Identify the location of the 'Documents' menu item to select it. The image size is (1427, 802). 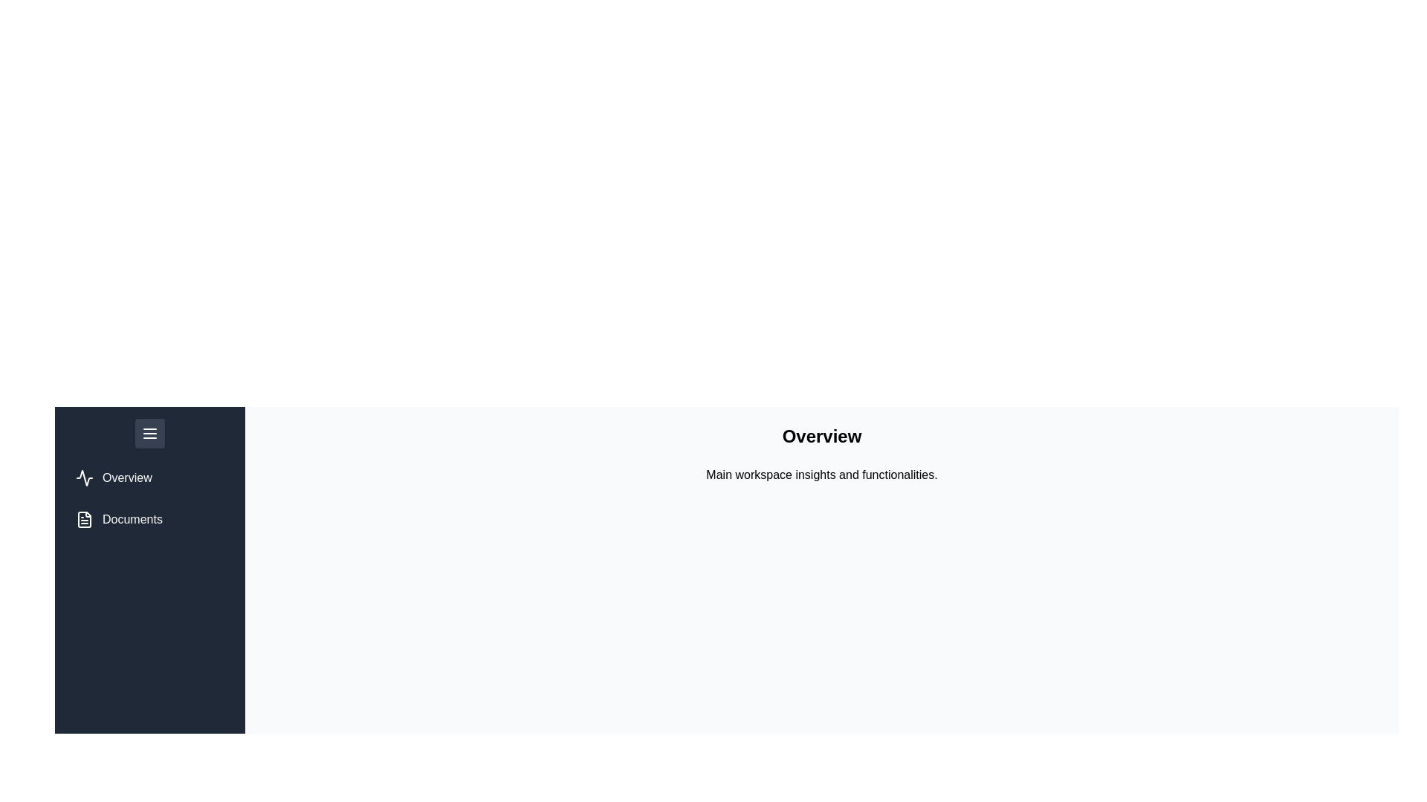
(117, 518).